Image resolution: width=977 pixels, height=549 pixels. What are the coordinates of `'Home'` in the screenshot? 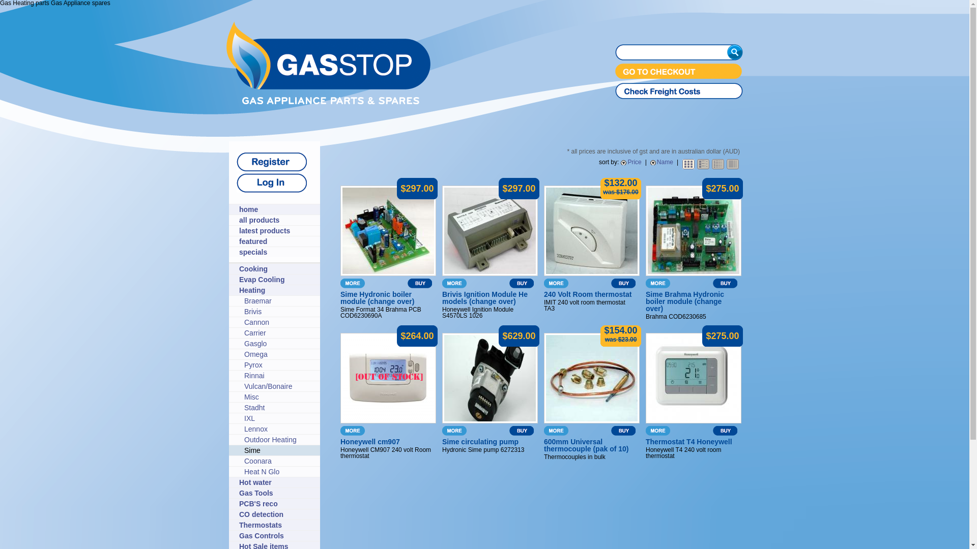 It's located at (328, 102).